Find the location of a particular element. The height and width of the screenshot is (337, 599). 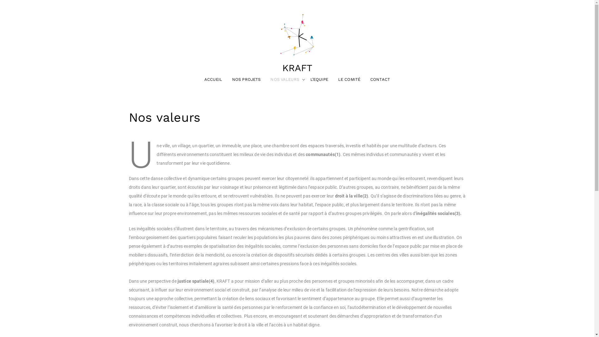

'NOS VALEURS' is located at coordinates (284, 79).